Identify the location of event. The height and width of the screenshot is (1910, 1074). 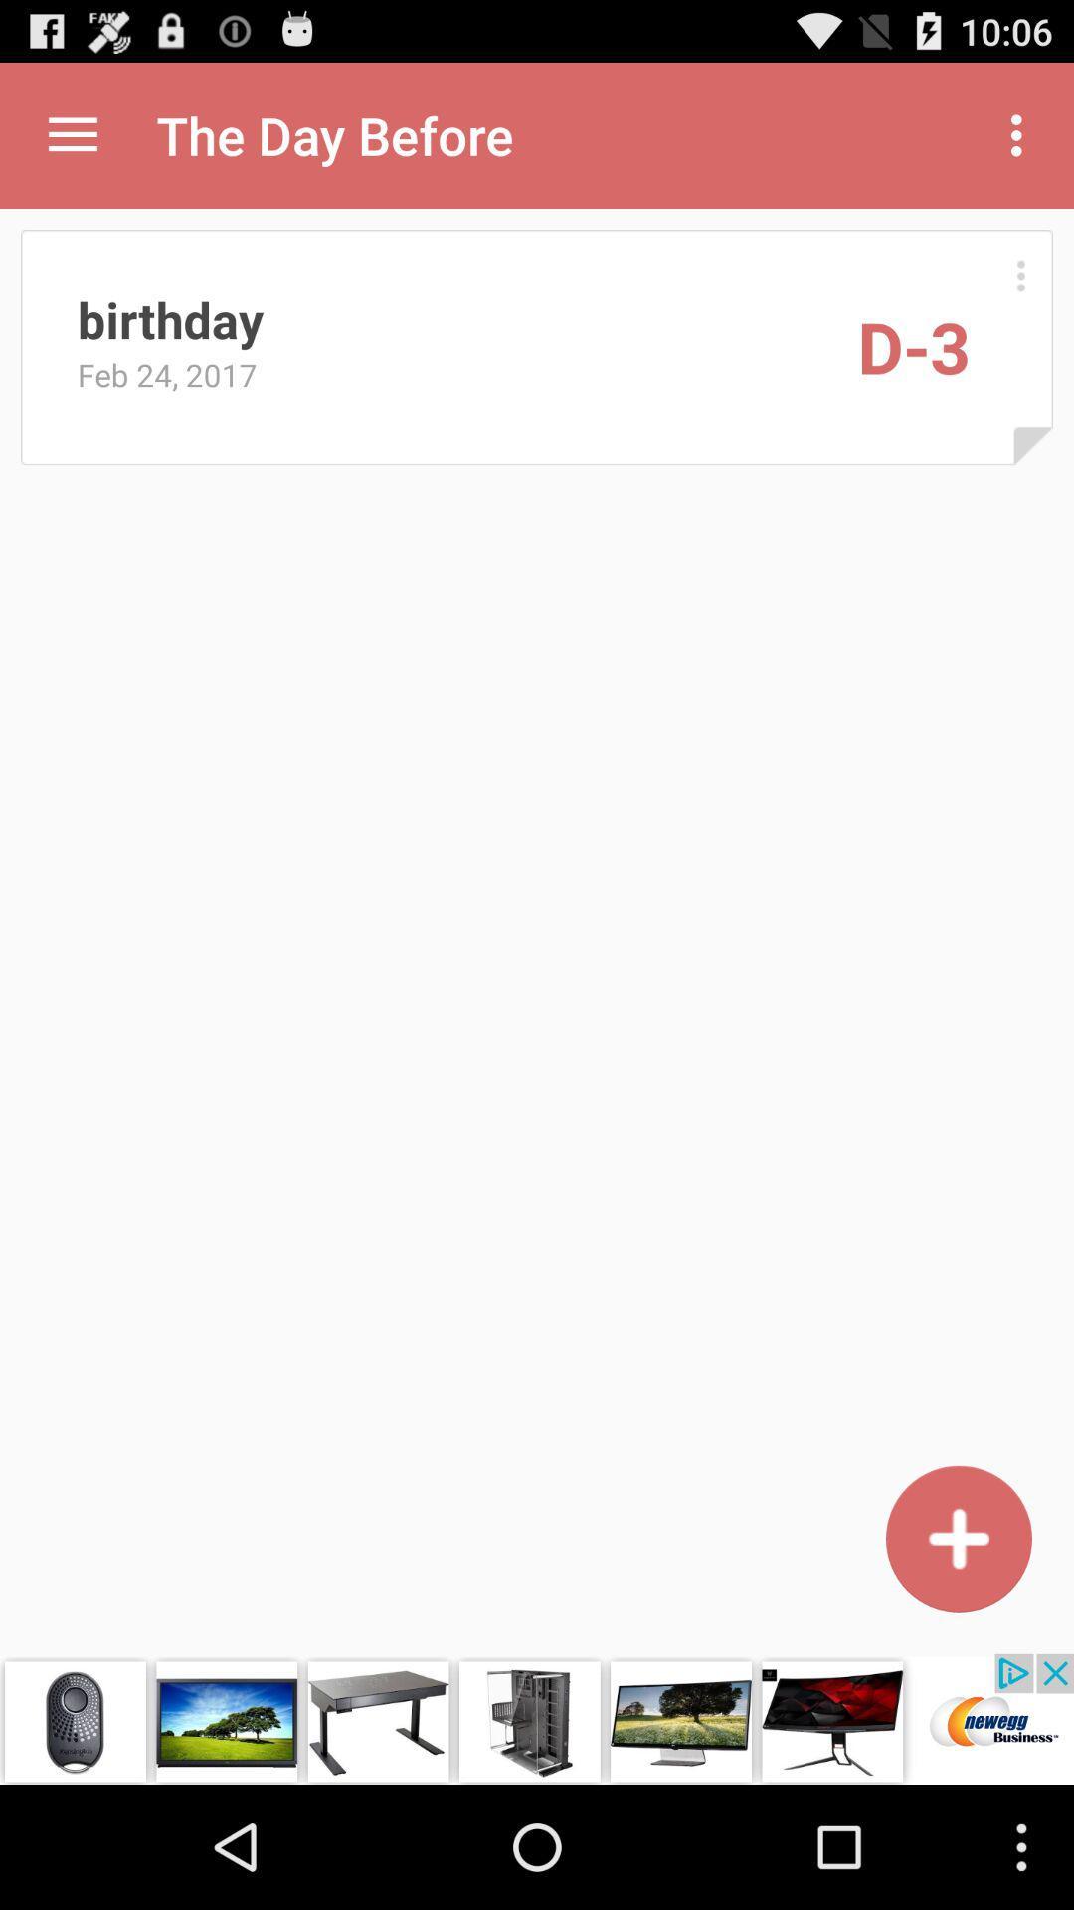
(958, 1538).